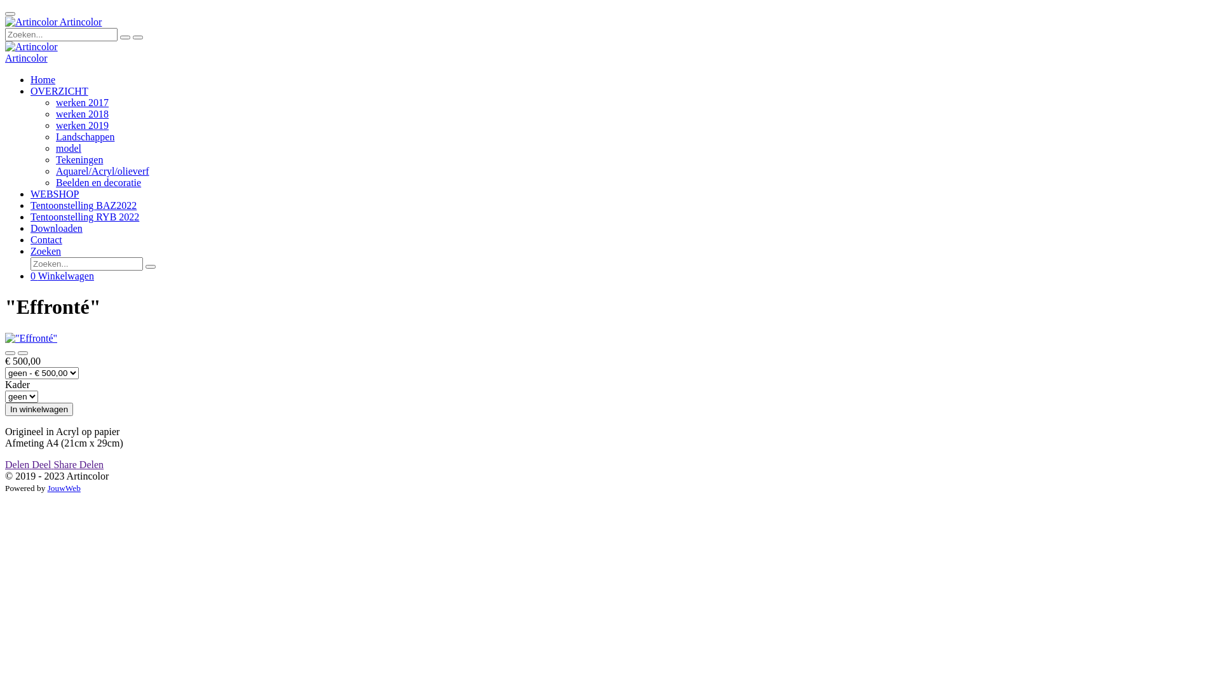 This screenshot has width=1220, height=686. I want to click on '0 Winkelwagen', so click(30, 275).